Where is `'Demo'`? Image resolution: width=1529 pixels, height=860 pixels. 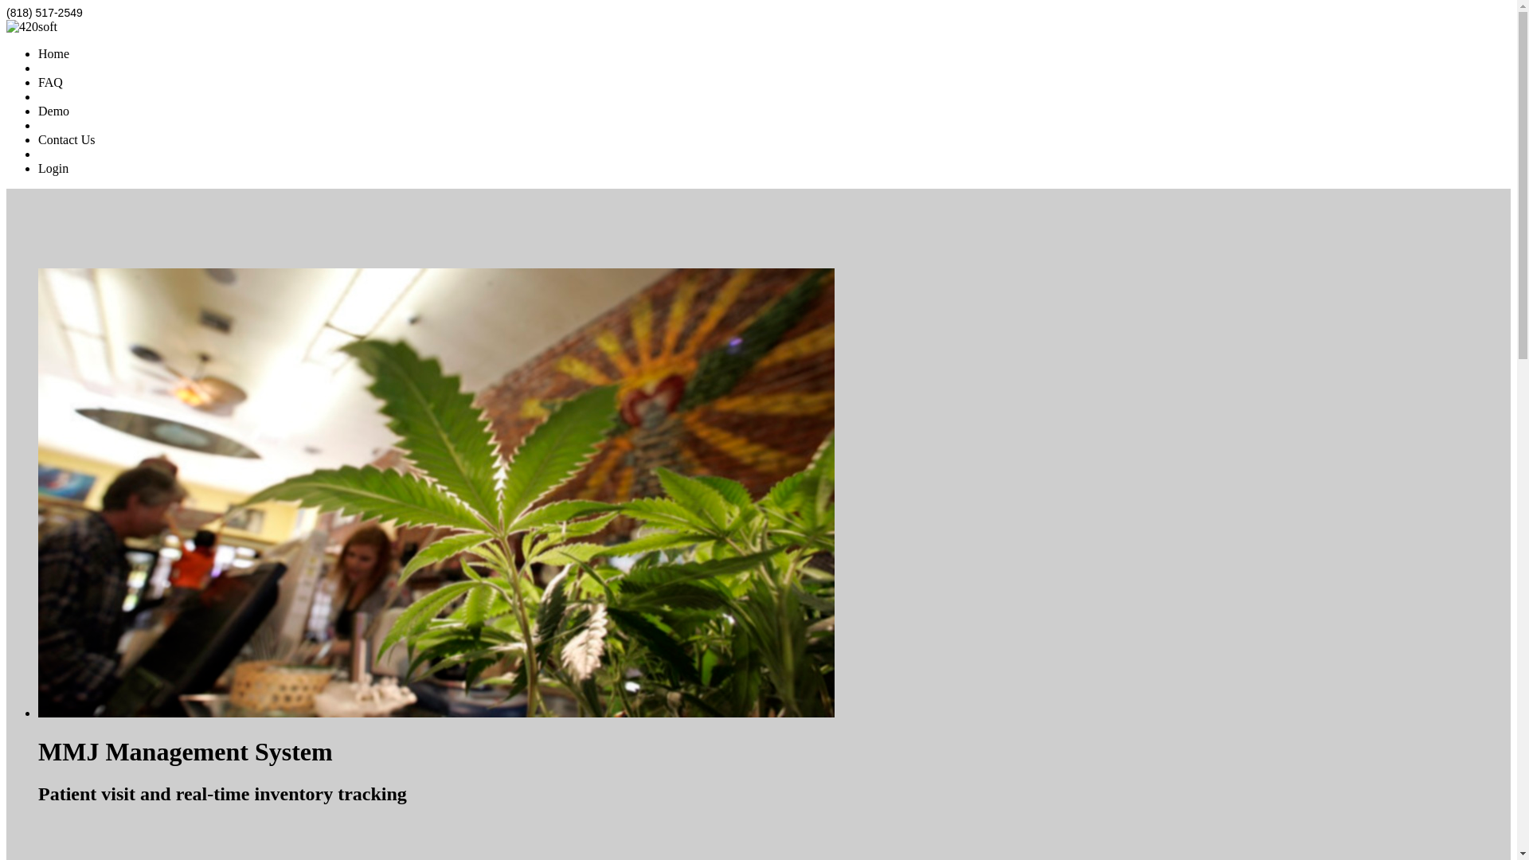 'Demo' is located at coordinates (53, 110).